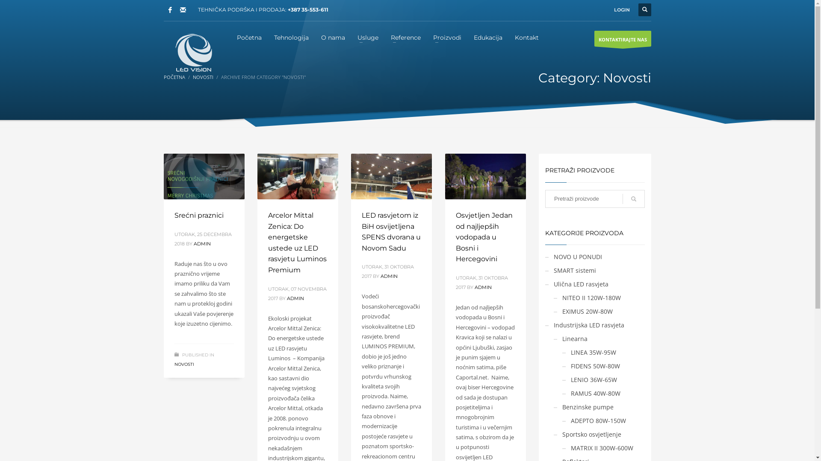 The height and width of the screenshot is (461, 821). I want to click on 'Kontakt', so click(526, 37).